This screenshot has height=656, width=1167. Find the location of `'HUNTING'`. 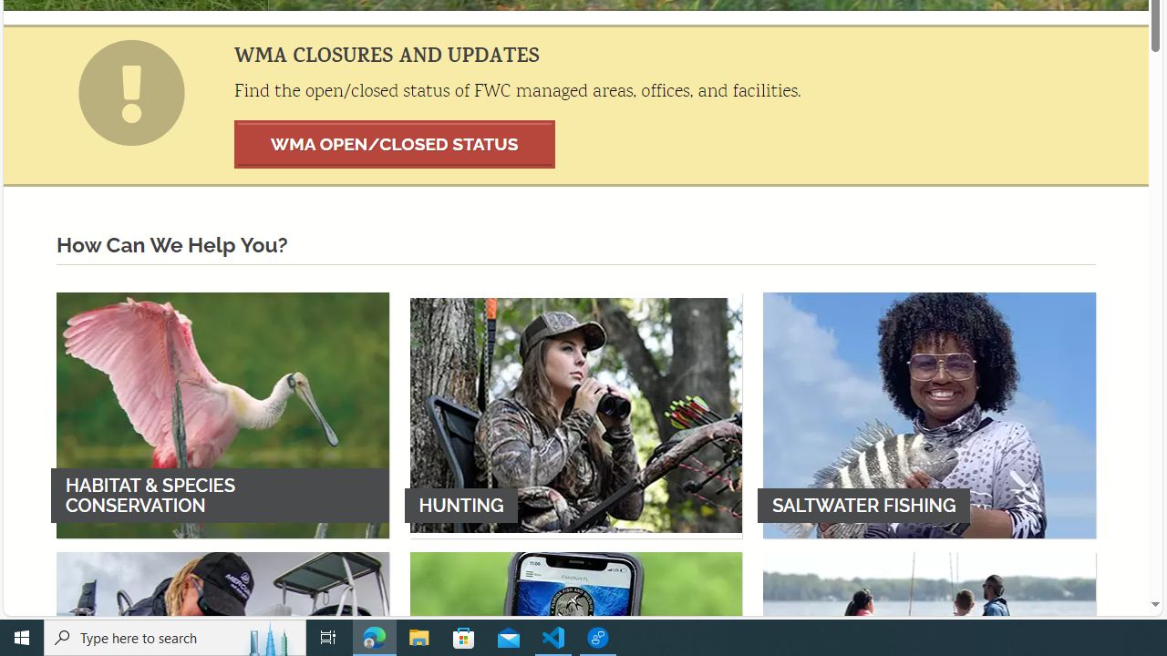

'HUNTING' is located at coordinates (575, 415).